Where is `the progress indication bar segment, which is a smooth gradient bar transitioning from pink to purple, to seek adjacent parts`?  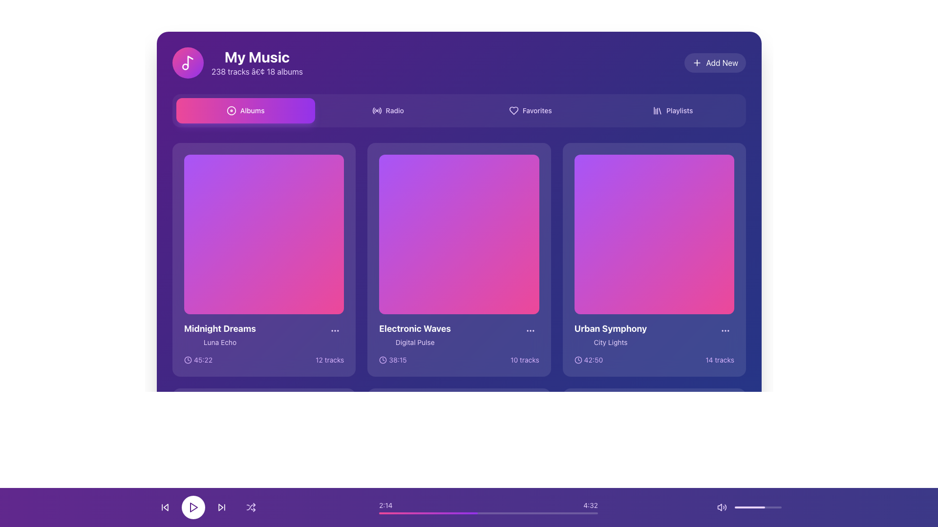
the progress indication bar segment, which is a smooth gradient bar transitioning from pink to purple, to seek adjacent parts is located at coordinates (428, 513).